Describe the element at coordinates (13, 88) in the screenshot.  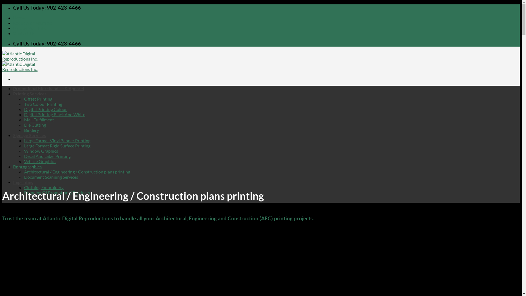
I see `'Promotional Merchandise & Apparel'` at that location.